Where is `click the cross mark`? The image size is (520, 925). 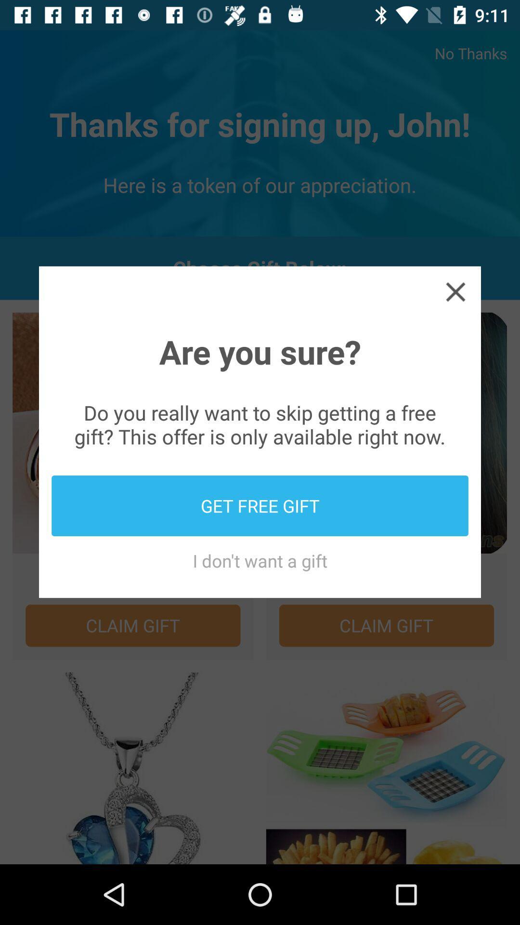
click the cross mark is located at coordinates (455, 291).